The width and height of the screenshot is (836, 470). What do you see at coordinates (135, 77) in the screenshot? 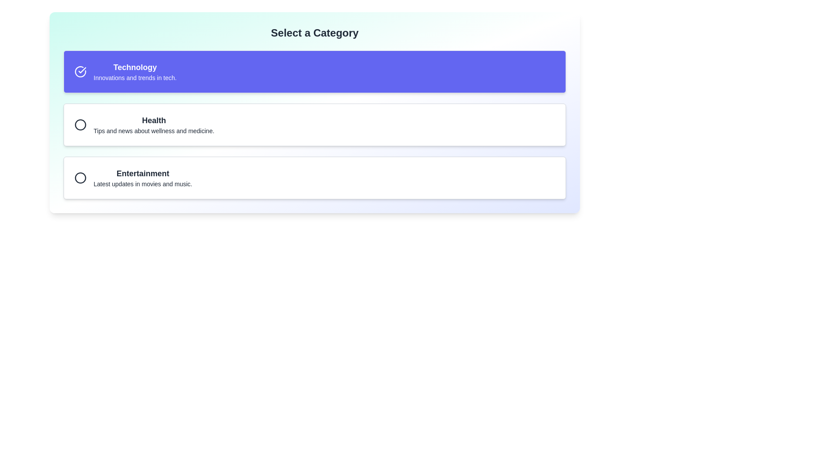
I see `the static text element that provides additional context about the 'Technology' category, located directly below the bold 'Technology' text` at bounding box center [135, 77].